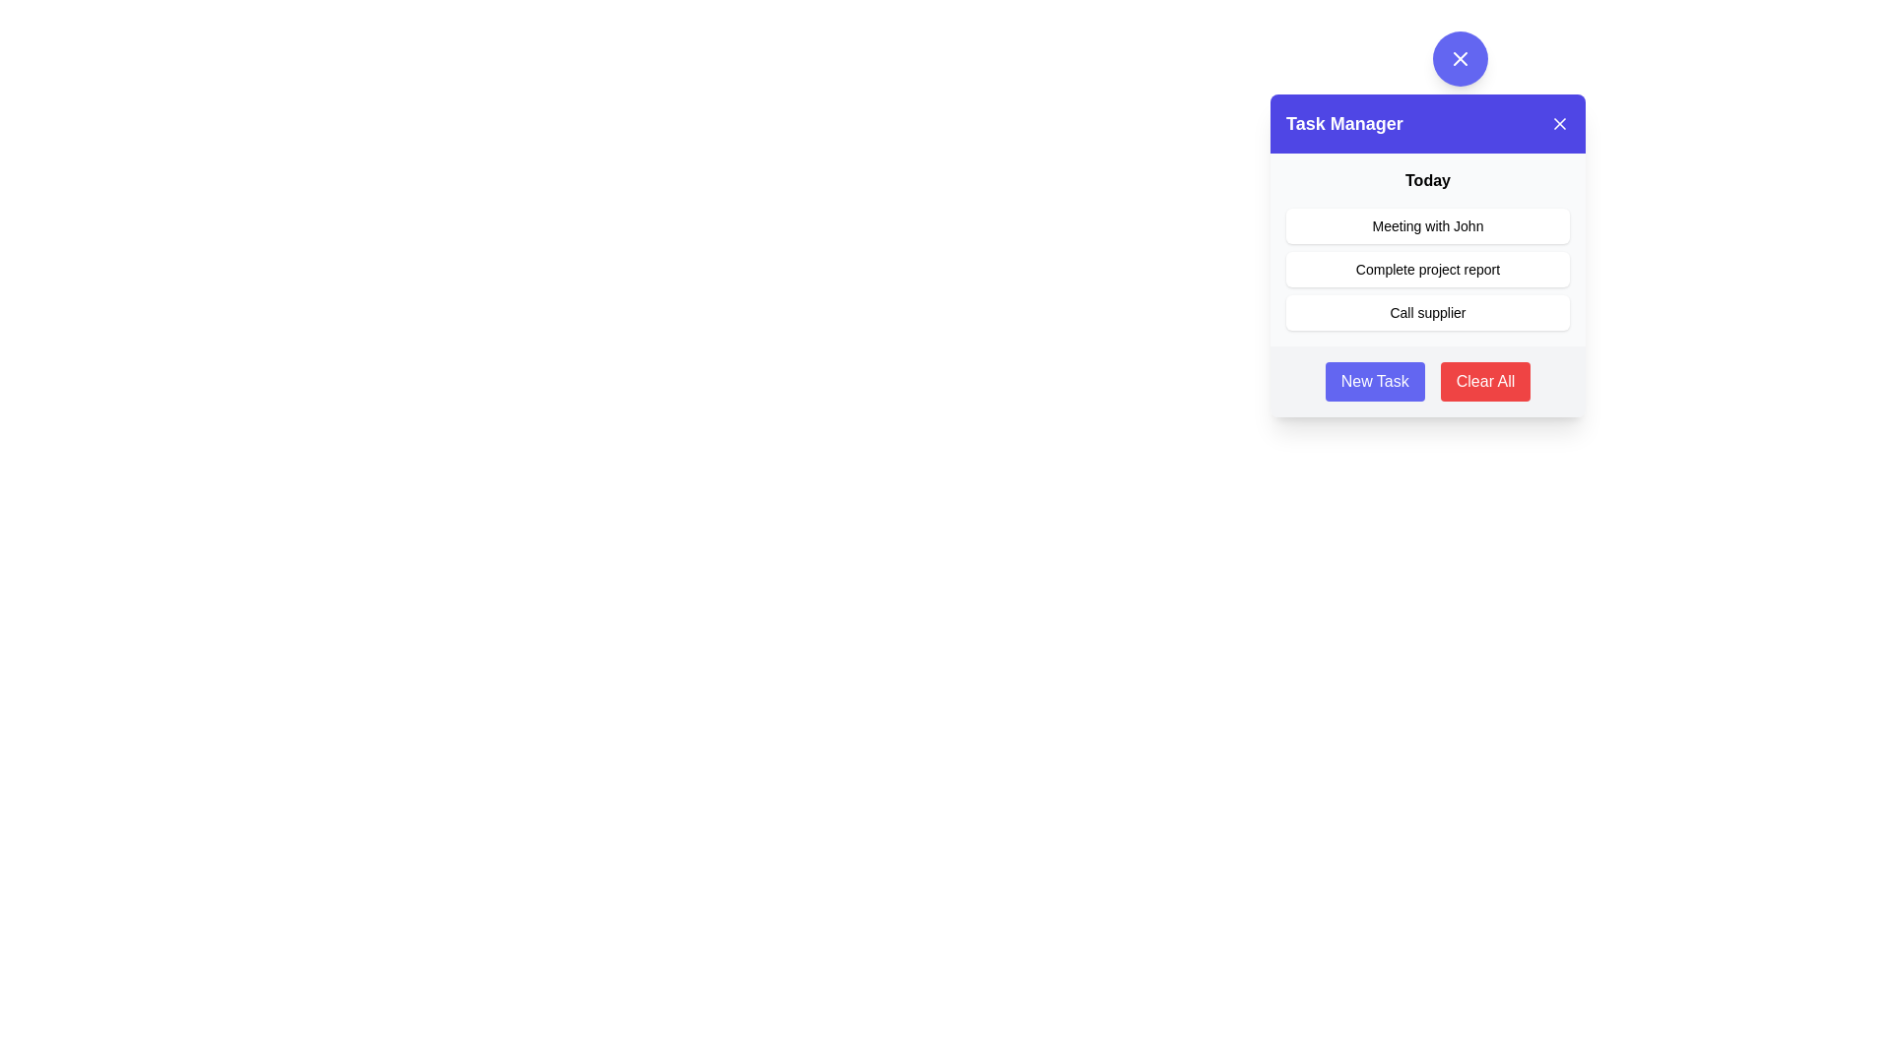  I want to click on the 'Call supplier' button, so click(1427, 311).